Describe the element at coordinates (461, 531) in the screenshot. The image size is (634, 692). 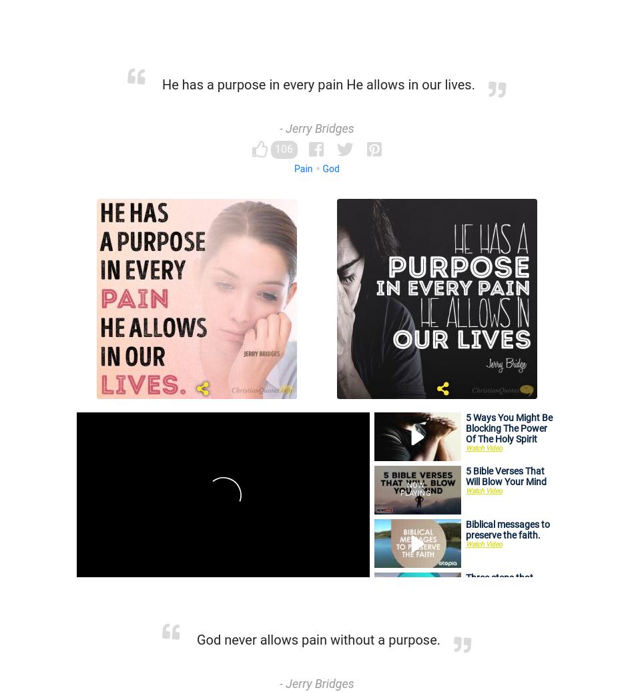
I see `'81'` at that location.